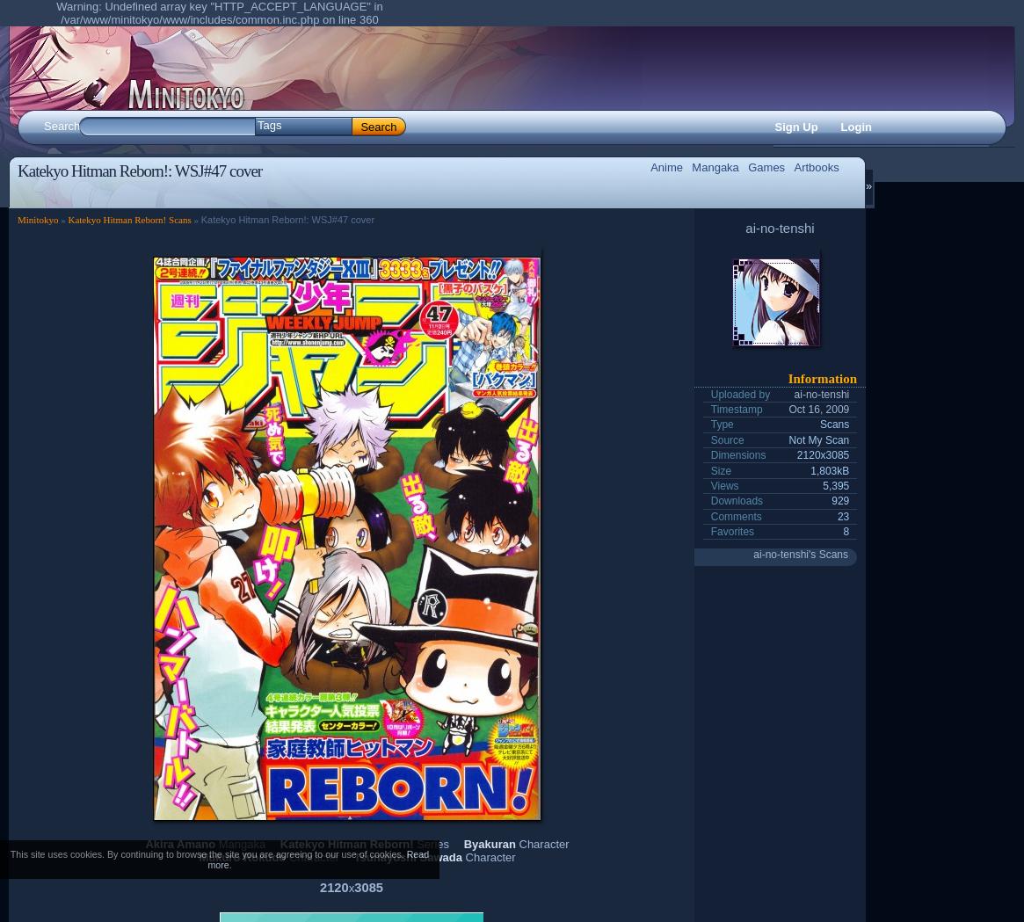 The width and height of the screenshot is (1024, 922). What do you see at coordinates (179, 843) in the screenshot?
I see `'Akira Amano'` at bounding box center [179, 843].